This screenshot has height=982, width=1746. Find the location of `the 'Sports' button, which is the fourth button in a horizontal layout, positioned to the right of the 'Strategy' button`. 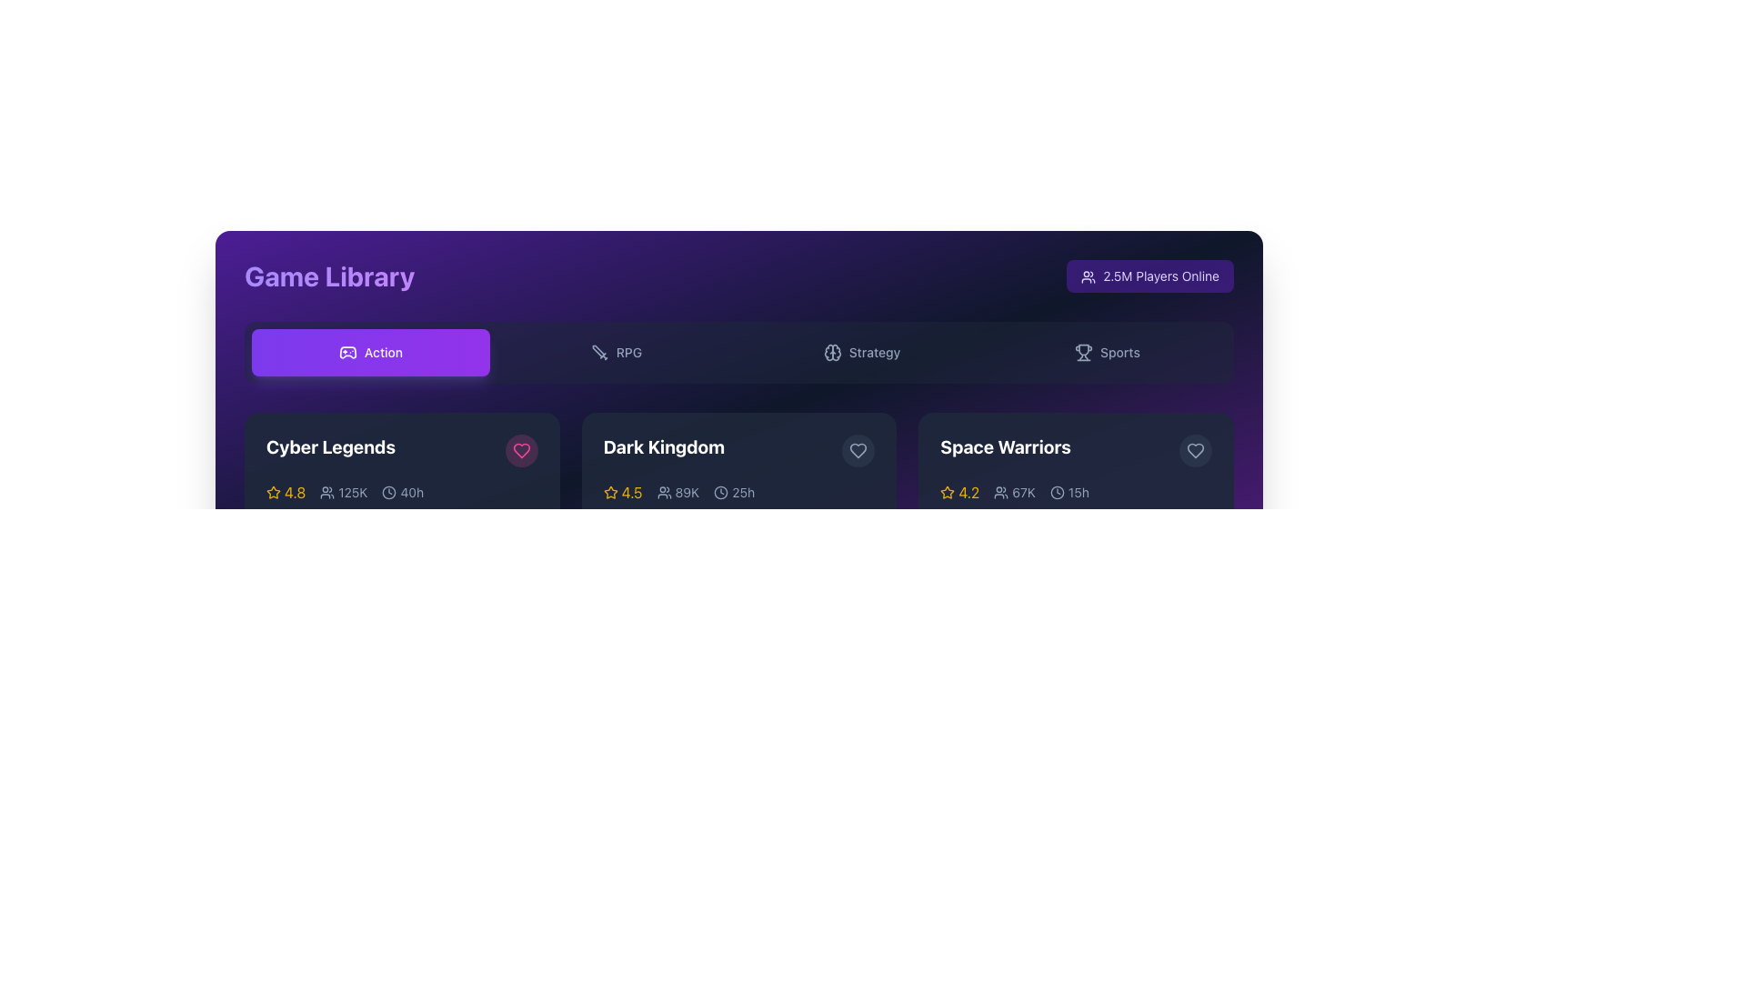

the 'Sports' button, which is the fourth button in a horizontal layout, positioned to the right of the 'Strategy' button is located at coordinates (1107, 353).